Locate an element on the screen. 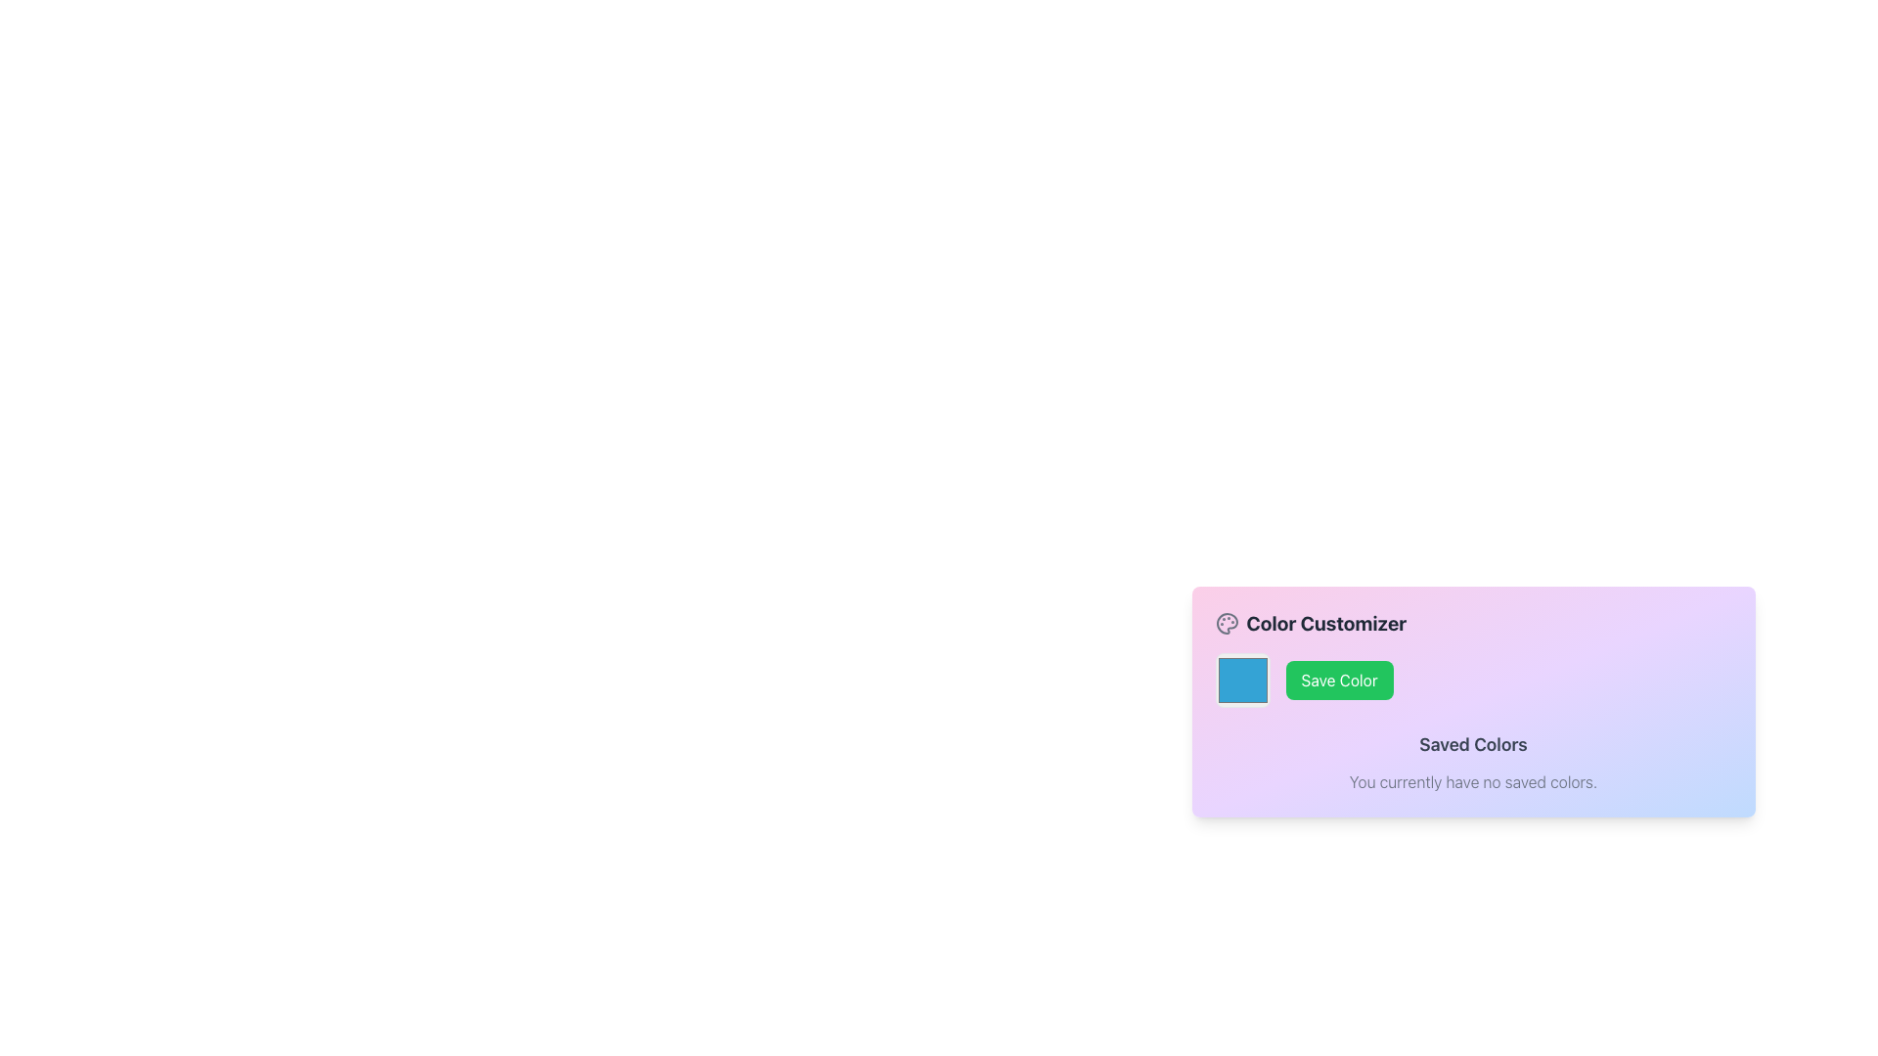 Image resolution: width=1878 pixels, height=1056 pixels. the main circular base of the palette icon located to the left of the 'Color Customizer' text in the card UI component is located at coordinates (1226, 623).